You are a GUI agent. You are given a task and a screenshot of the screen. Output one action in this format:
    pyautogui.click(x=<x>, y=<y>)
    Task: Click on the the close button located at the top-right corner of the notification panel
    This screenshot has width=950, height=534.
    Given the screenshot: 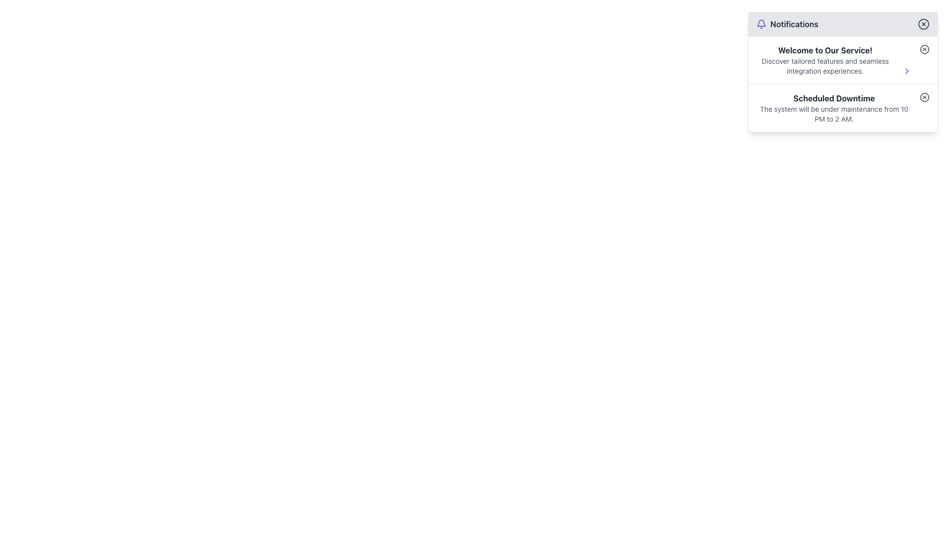 What is the action you would take?
    pyautogui.click(x=923, y=24)
    